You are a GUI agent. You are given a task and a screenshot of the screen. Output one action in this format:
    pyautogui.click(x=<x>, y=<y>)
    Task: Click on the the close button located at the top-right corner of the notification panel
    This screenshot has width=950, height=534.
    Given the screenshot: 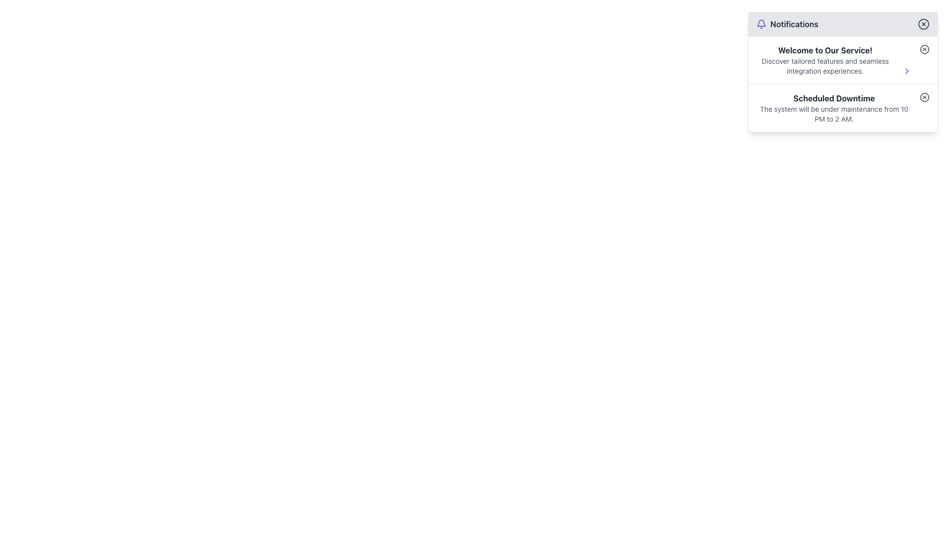 What is the action you would take?
    pyautogui.click(x=923, y=24)
    